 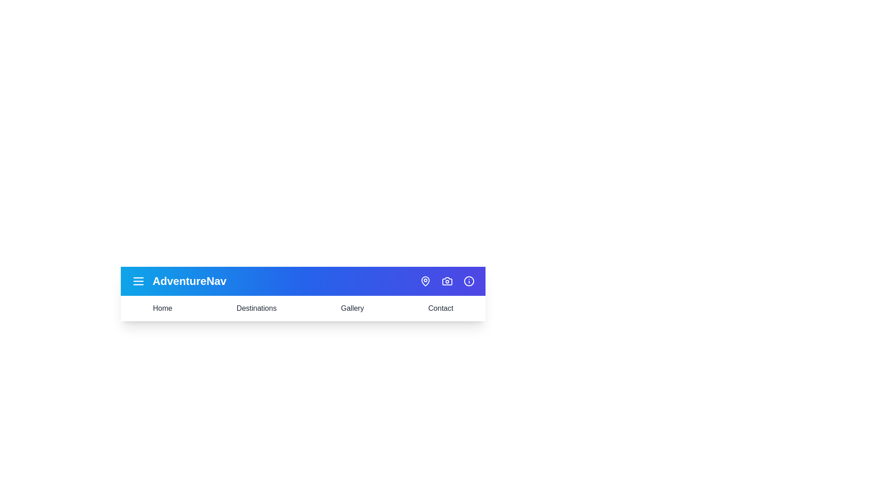 I want to click on the menu icon to toggle the menu visibility, so click(x=138, y=281).